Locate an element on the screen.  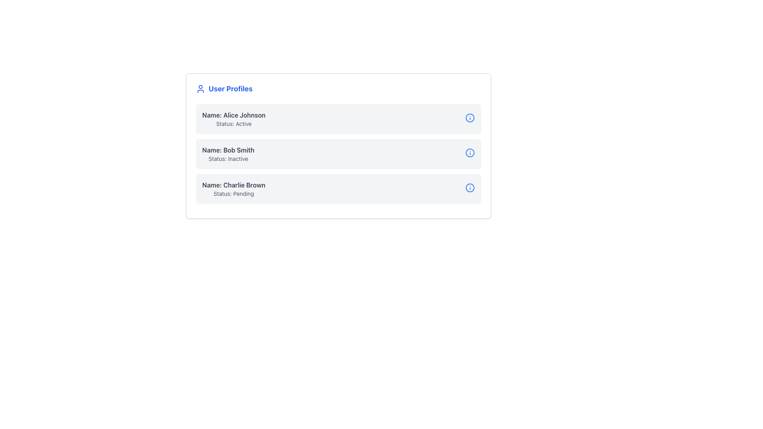
the static label displaying 'Status: Inactive' located below 'Name: Bob Smith' in the second user profile card is located at coordinates (228, 159).